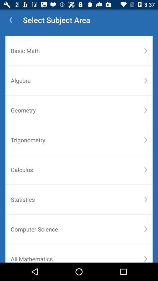 The image size is (158, 281). Describe the element at coordinates (77, 140) in the screenshot. I see `trigonometry` at that location.